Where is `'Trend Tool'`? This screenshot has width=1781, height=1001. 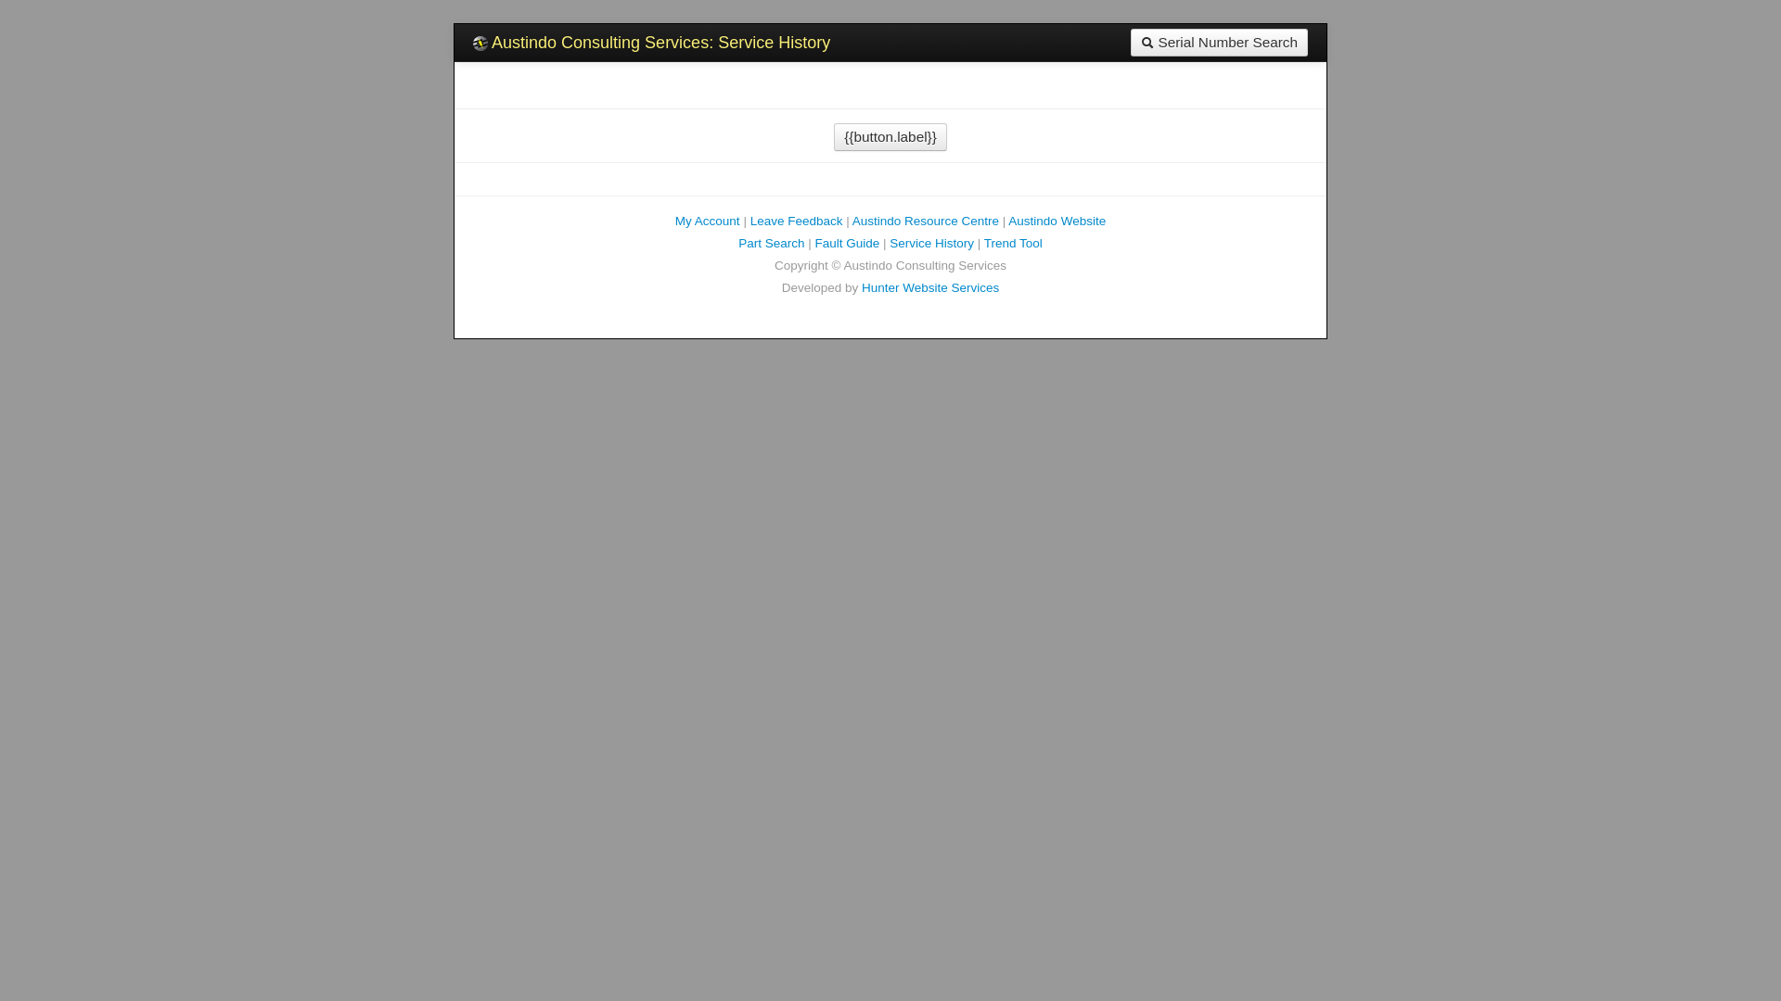
'Trend Tool' is located at coordinates (1012, 242).